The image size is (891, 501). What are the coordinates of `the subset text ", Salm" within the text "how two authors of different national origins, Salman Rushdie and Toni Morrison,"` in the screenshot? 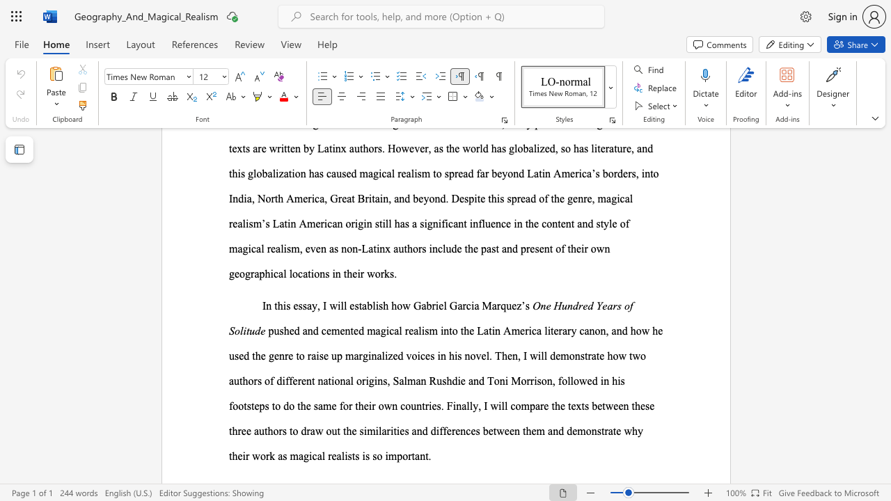 It's located at (387, 381).